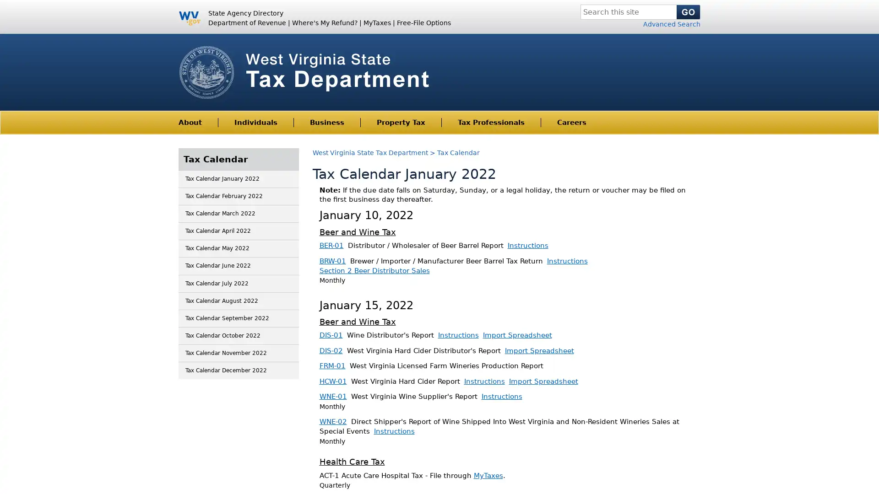 The image size is (879, 494). What do you see at coordinates (688, 12) in the screenshot?
I see `Search` at bounding box center [688, 12].